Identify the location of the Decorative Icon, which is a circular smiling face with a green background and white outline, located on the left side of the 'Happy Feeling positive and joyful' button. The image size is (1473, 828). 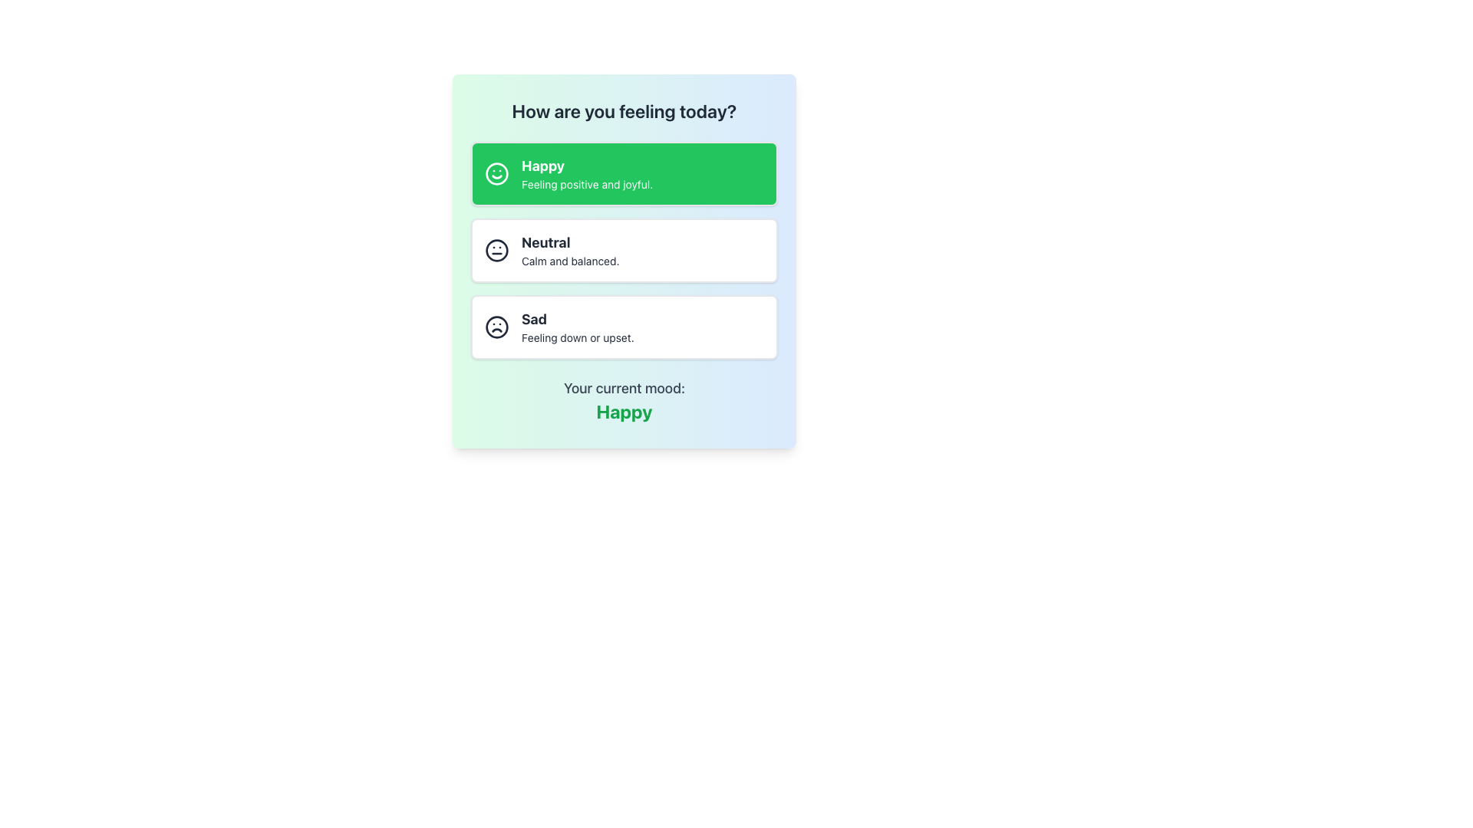
(497, 173).